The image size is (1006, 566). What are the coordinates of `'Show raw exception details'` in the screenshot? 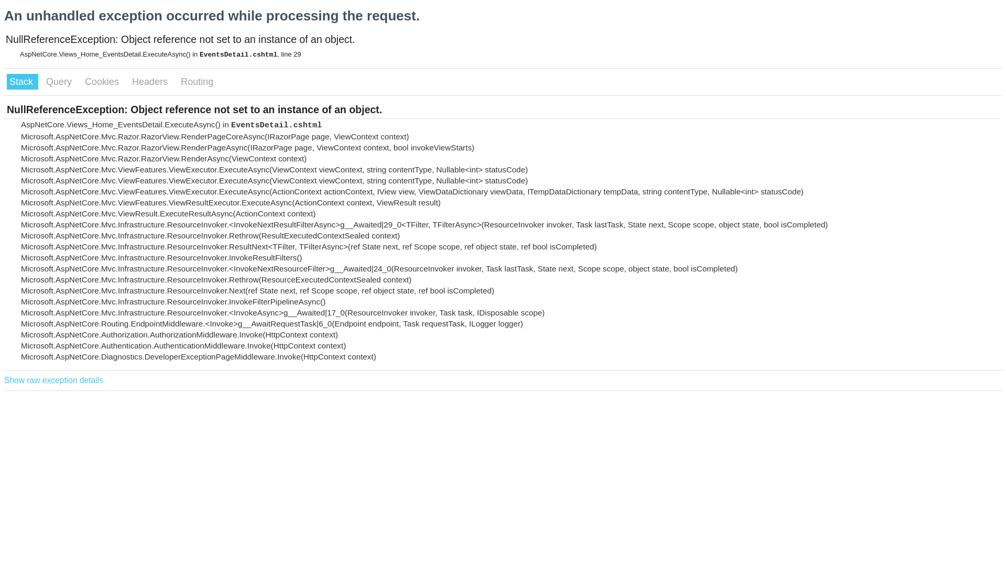 It's located at (53, 380).